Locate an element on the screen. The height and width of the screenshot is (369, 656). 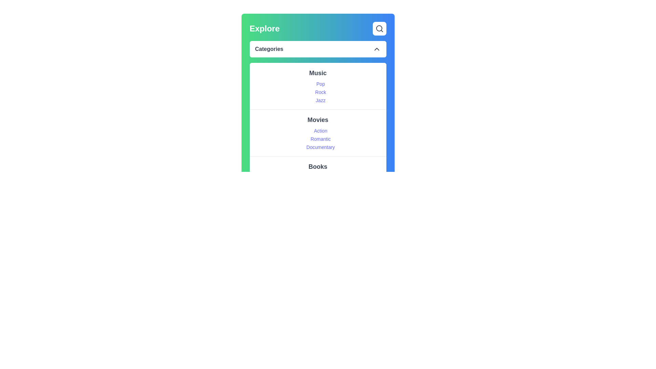
the 'Rock' genre in the categorized music genres list located in the 'Music' section of the vertical menu is located at coordinates (320, 92).